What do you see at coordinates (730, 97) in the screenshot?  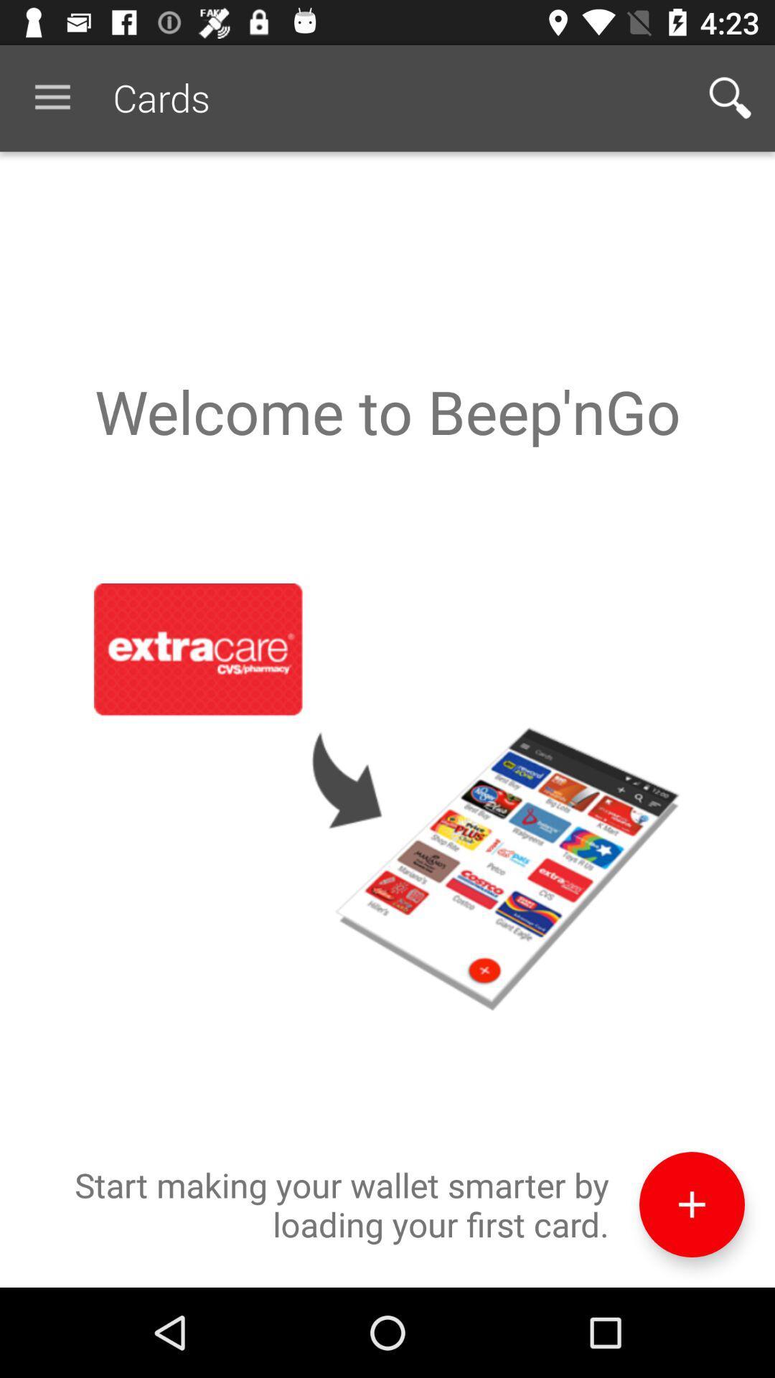 I see `the item to the right of cards` at bounding box center [730, 97].